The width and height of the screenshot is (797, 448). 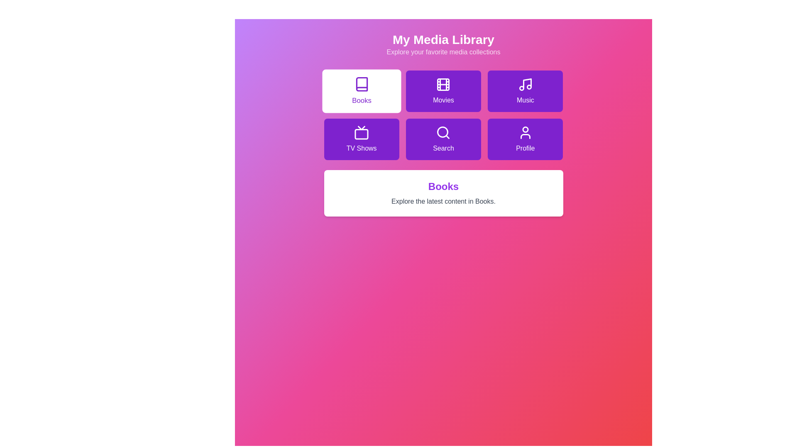 What do you see at coordinates (443, 139) in the screenshot?
I see `the purple 'Search' button with rounded corners that contains a magnifying glass icon and the text 'Search' below it, located in the bottom row of the grid layout` at bounding box center [443, 139].